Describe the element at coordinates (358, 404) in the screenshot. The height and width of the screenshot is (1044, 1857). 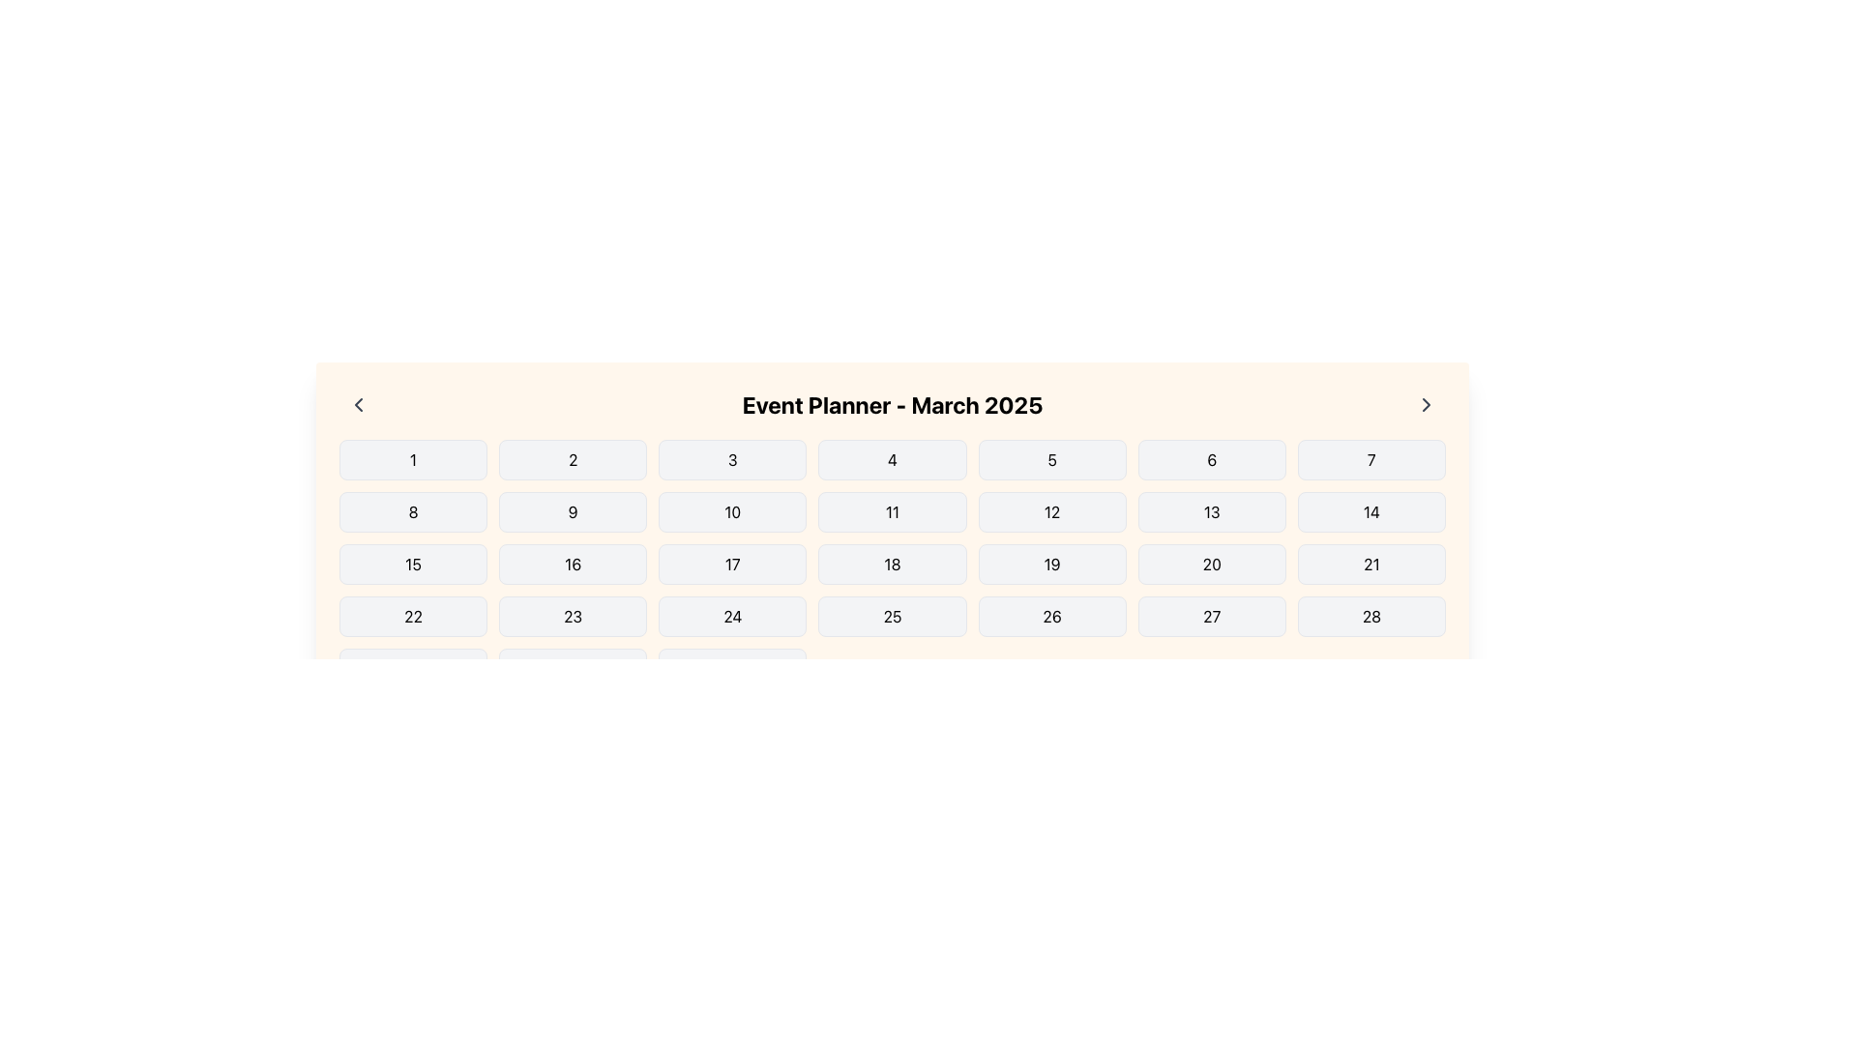
I see `the left-most button in the top bar of the 'Event Planner - March 2025' section` at that location.